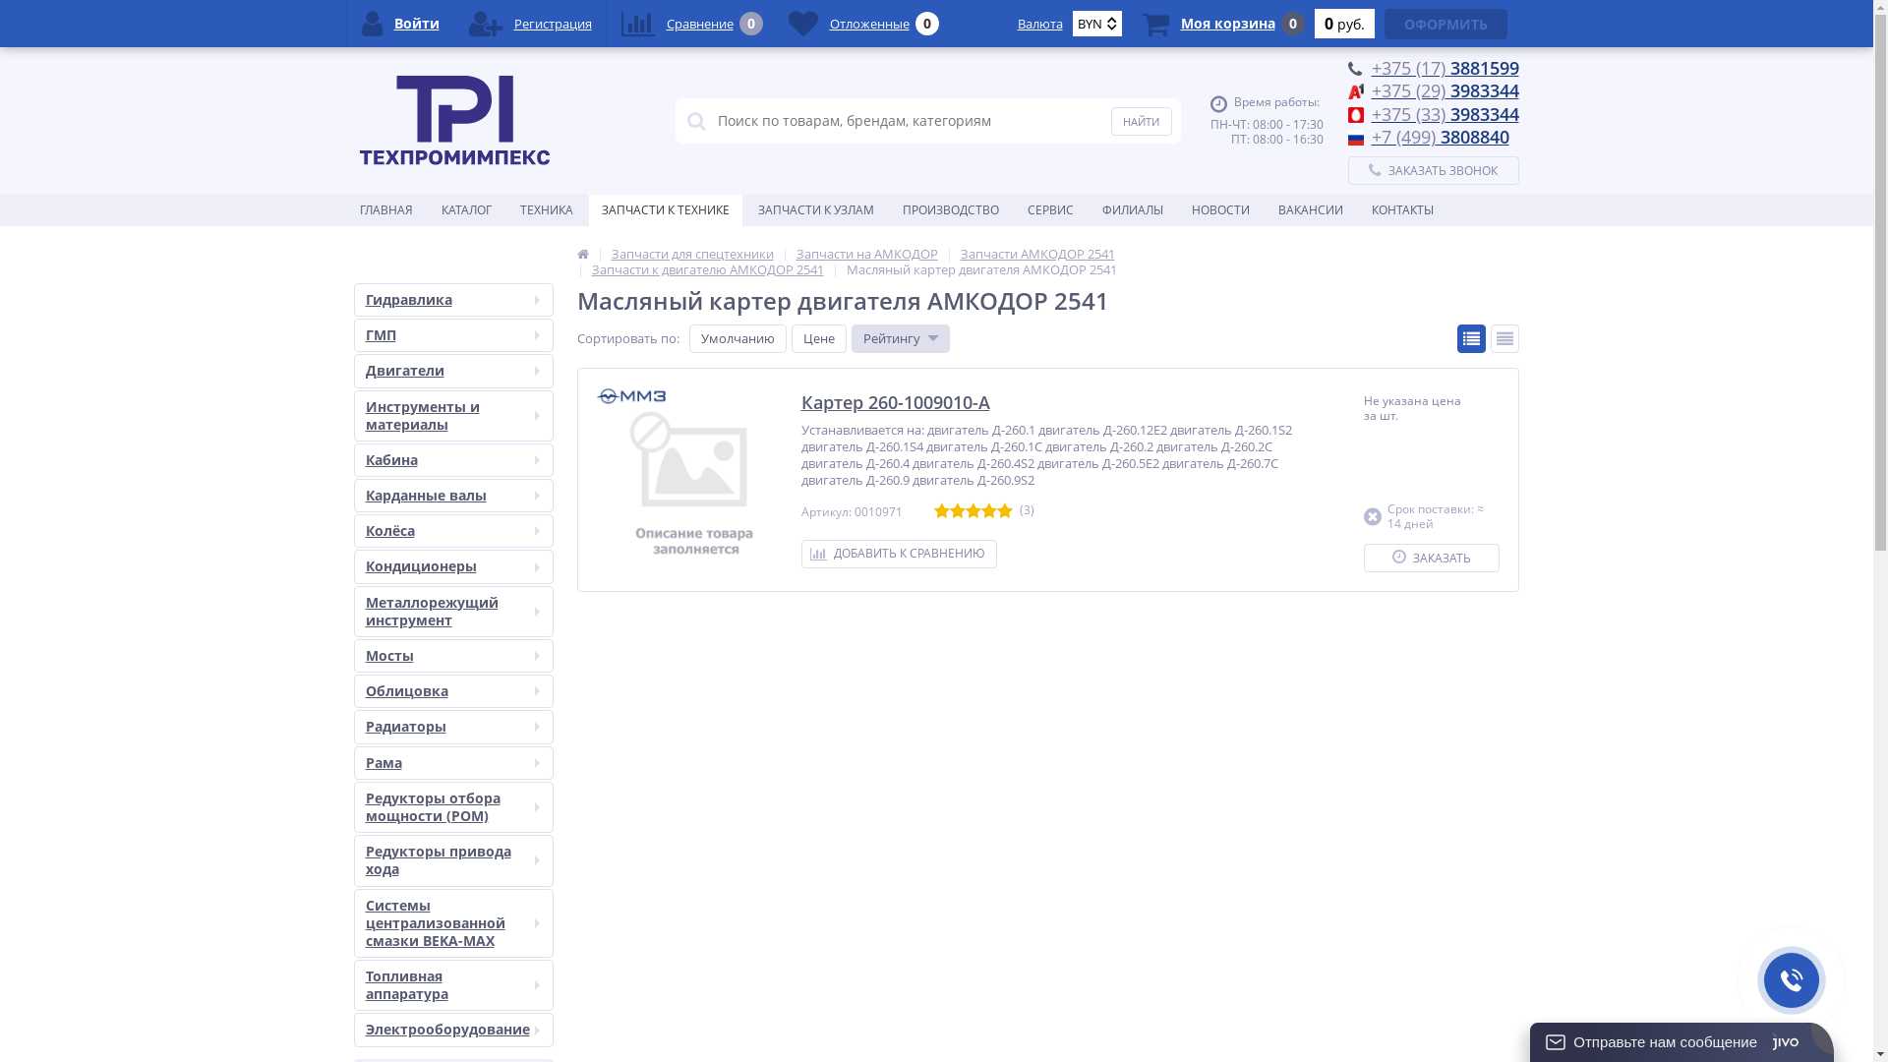 Image resolution: width=1888 pixels, height=1062 pixels. I want to click on '3', so click(973, 510).